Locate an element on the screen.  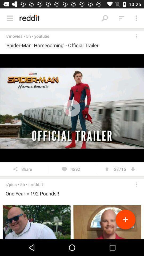
a menu button with a list of more options is located at coordinates (10, 18).